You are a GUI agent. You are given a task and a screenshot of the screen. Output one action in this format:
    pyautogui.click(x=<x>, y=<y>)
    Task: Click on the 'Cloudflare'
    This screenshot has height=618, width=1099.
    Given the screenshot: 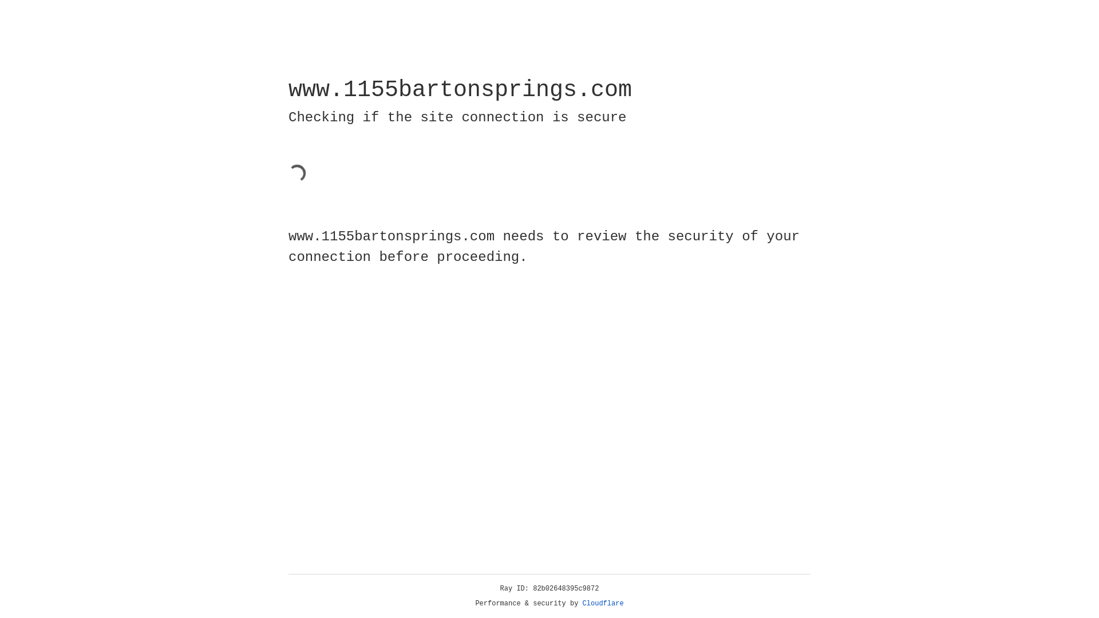 What is the action you would take?
    pyautogui.click(x=603, y=603)
    